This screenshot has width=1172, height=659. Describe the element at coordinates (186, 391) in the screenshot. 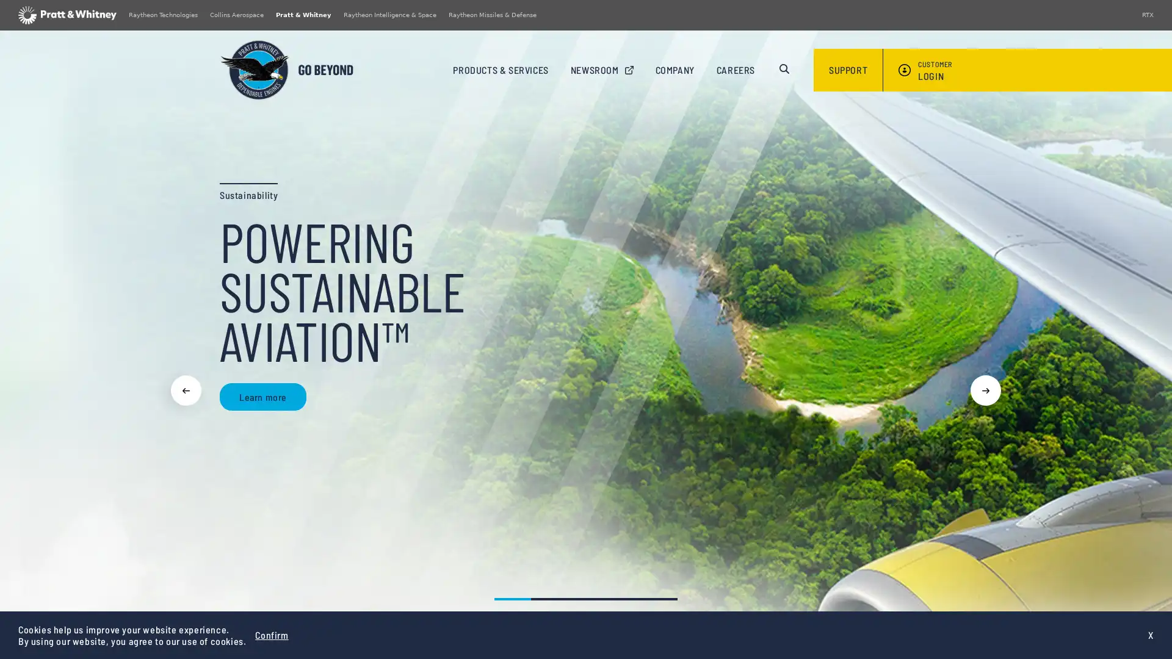

I see `Previous slide` at that location.